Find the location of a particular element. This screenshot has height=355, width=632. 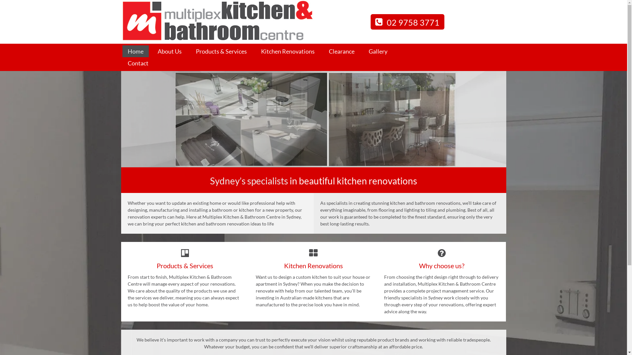

'Products & Services' is located at coordinates (221, 51).